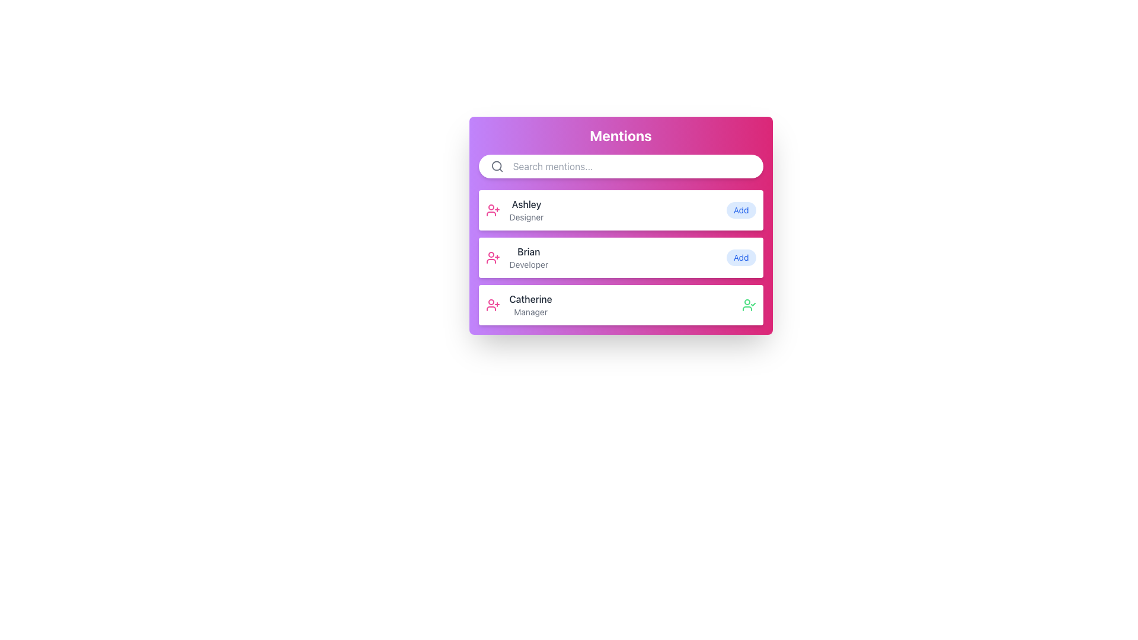  Describe the element at coordinates (497, 167) in the screenshot. I see `the gray magnifying glass icon located to the left of the search bar with placeholder text 'Search mentions...'` at that location.